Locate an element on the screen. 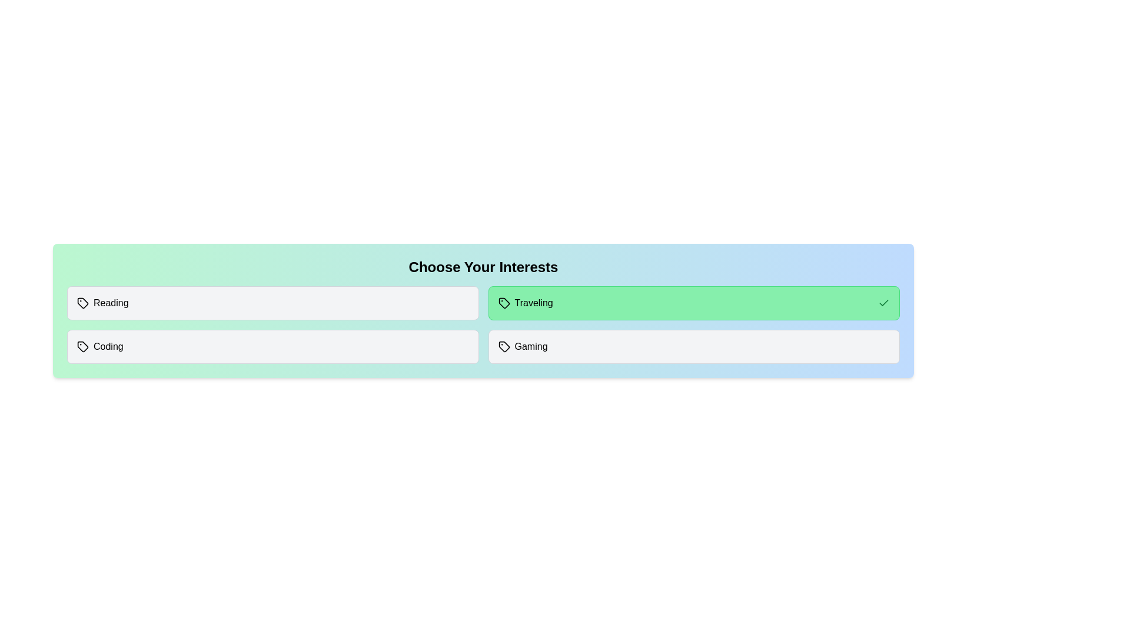 This screenshot has height=636, width=1130. the interest item Coding is located at coordinates (272, 346).